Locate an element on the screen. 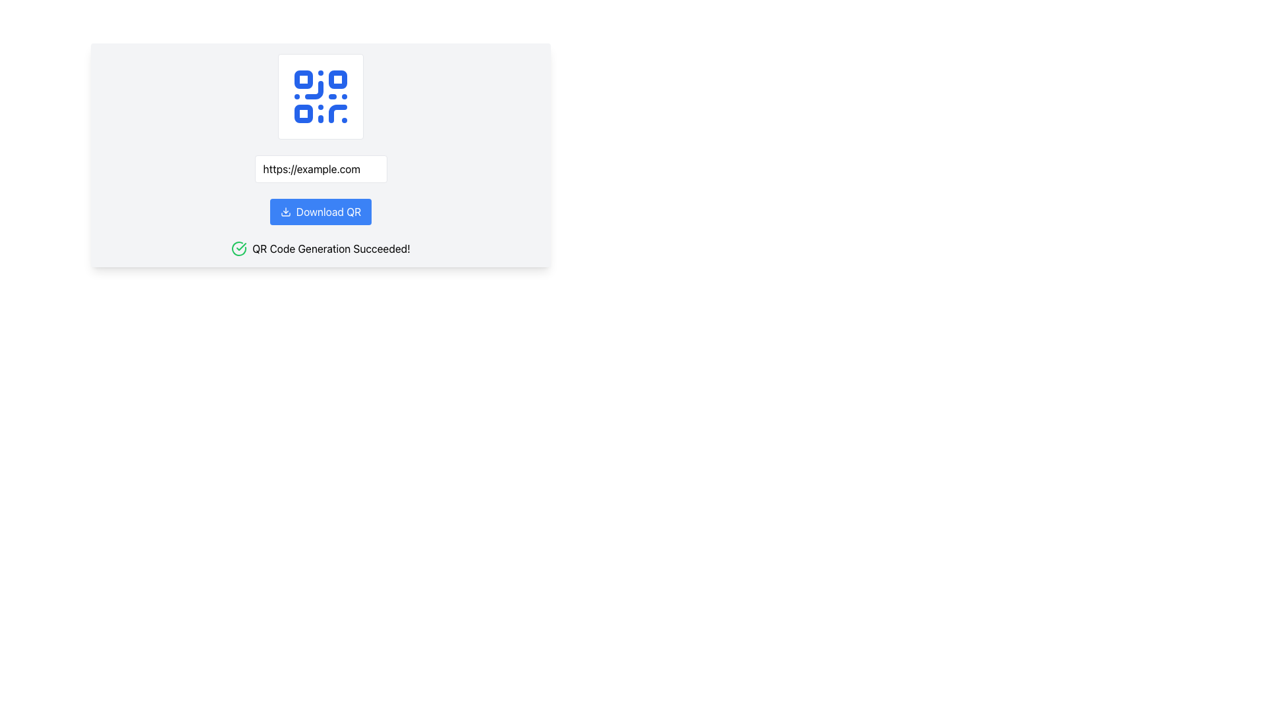 Image resolution: width=1265 pixels, height=711 pixels. text content of the button that triggers the download of a QR code, positioned centrally below the URL input field is located at coordinates (329, 211).